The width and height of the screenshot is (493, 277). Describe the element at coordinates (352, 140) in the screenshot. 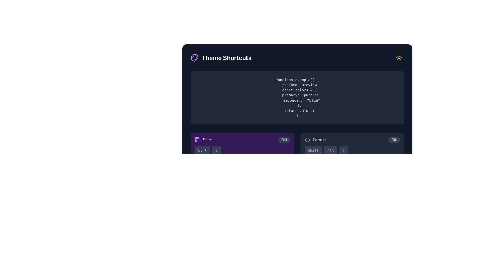

I see `the 'Edit' button in the 'Format' composite UI element, which is styled with a rounded rectangle shape and a gray background, located at the bottom right of the view` at that location.